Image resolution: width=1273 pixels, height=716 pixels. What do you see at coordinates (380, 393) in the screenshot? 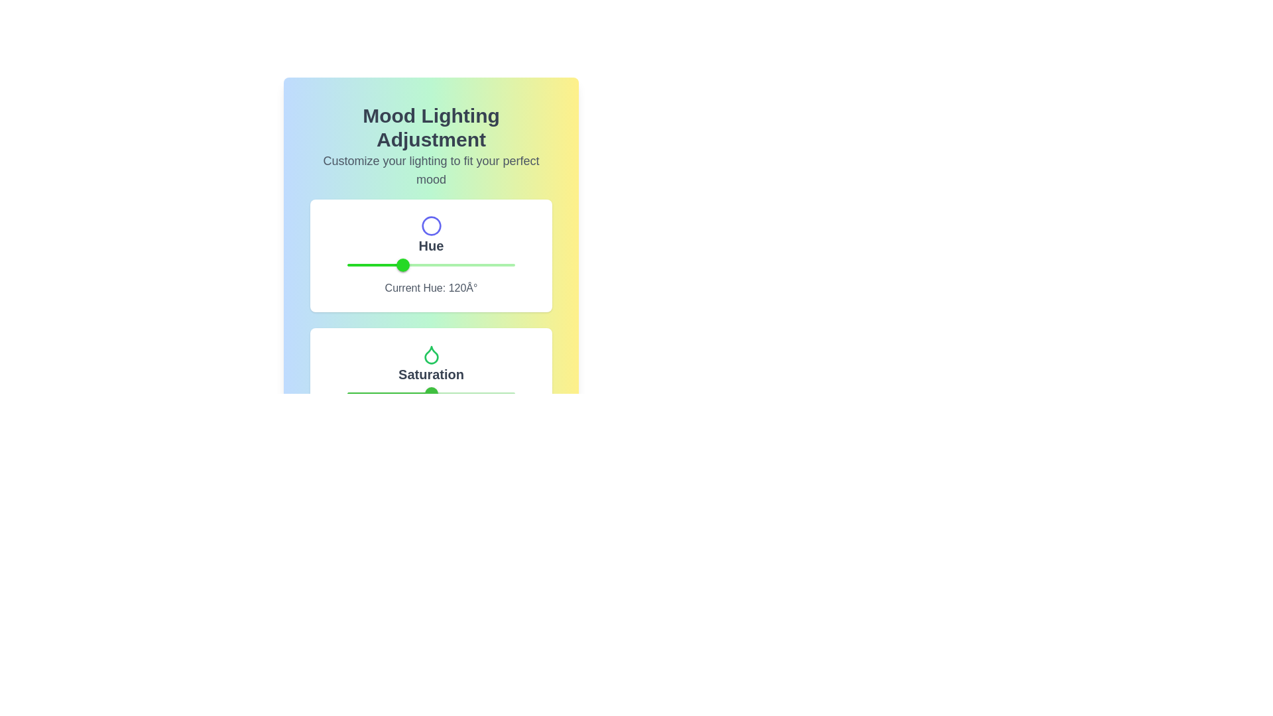
I see `the slider` at bounding box center [380, 393].